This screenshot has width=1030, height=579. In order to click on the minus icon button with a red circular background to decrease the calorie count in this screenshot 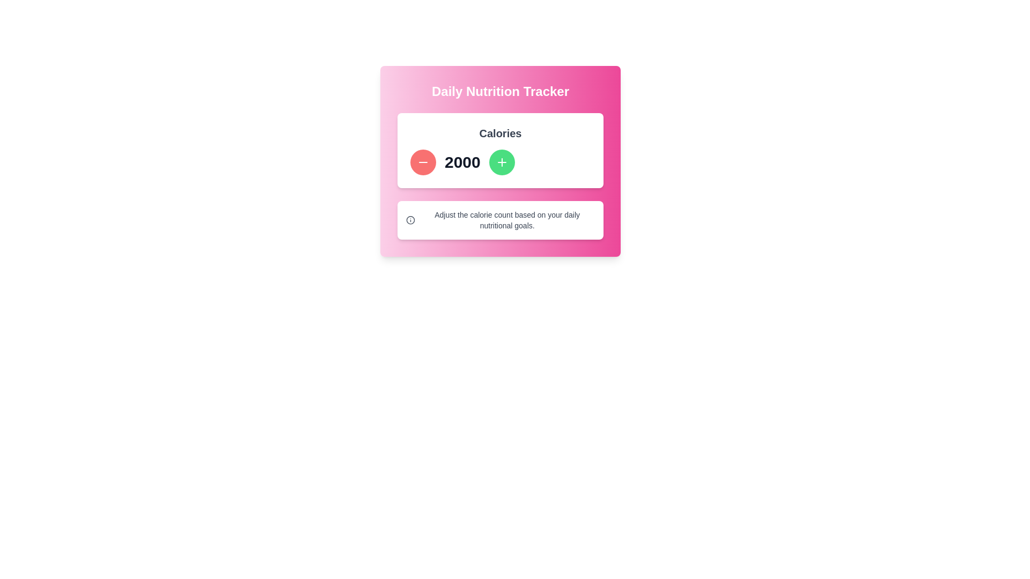, I will do `click(422, 162)`.